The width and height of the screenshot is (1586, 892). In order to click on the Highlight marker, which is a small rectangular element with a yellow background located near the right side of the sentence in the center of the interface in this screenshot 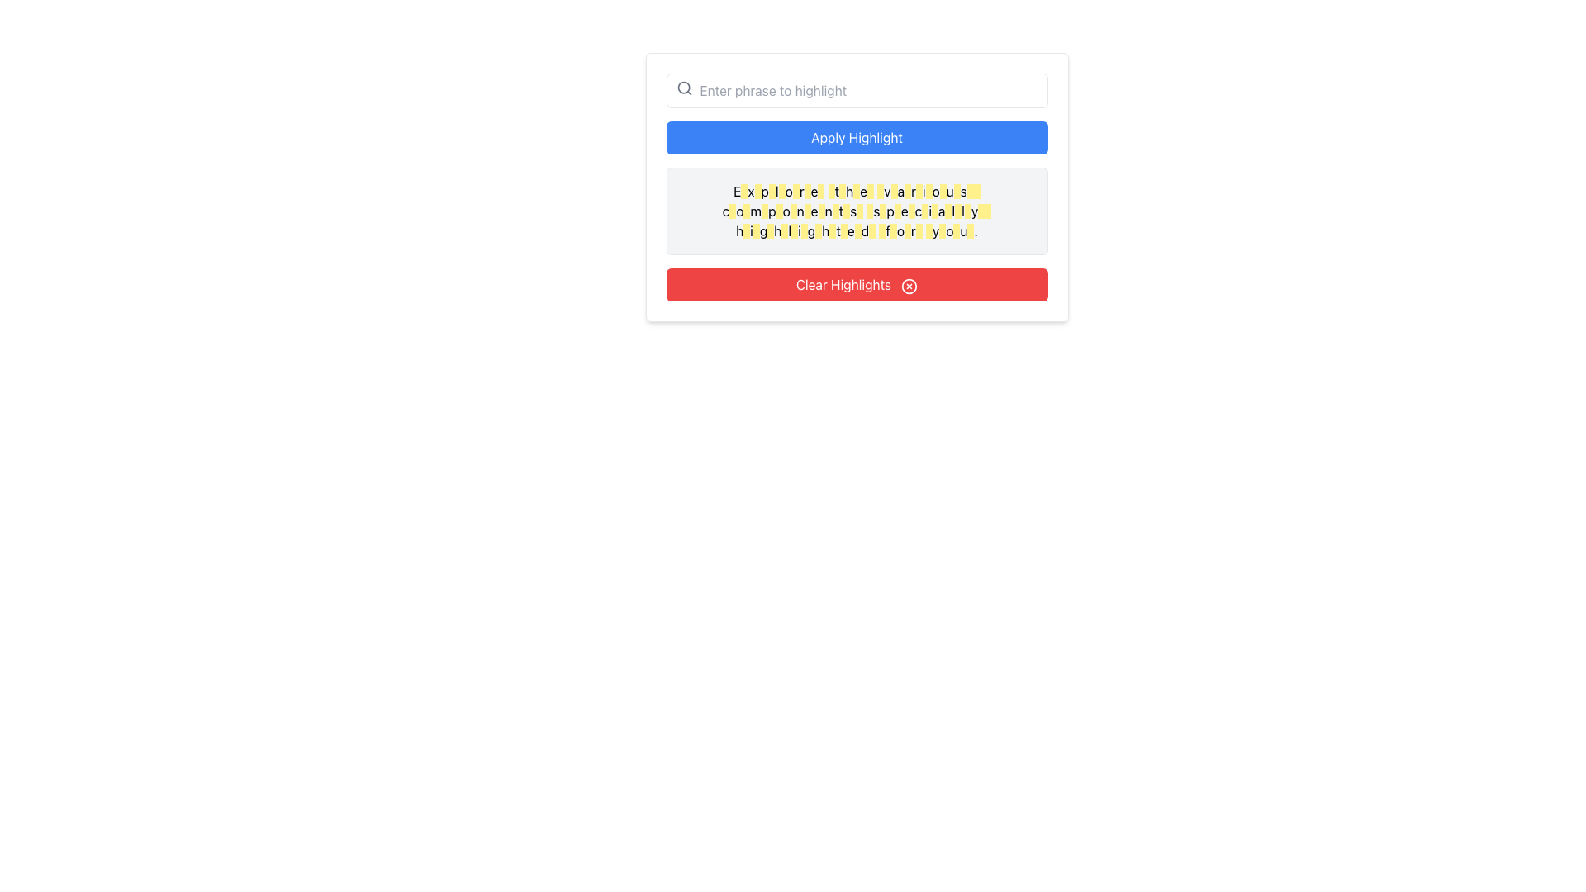, I will do `click(948, 210)`.